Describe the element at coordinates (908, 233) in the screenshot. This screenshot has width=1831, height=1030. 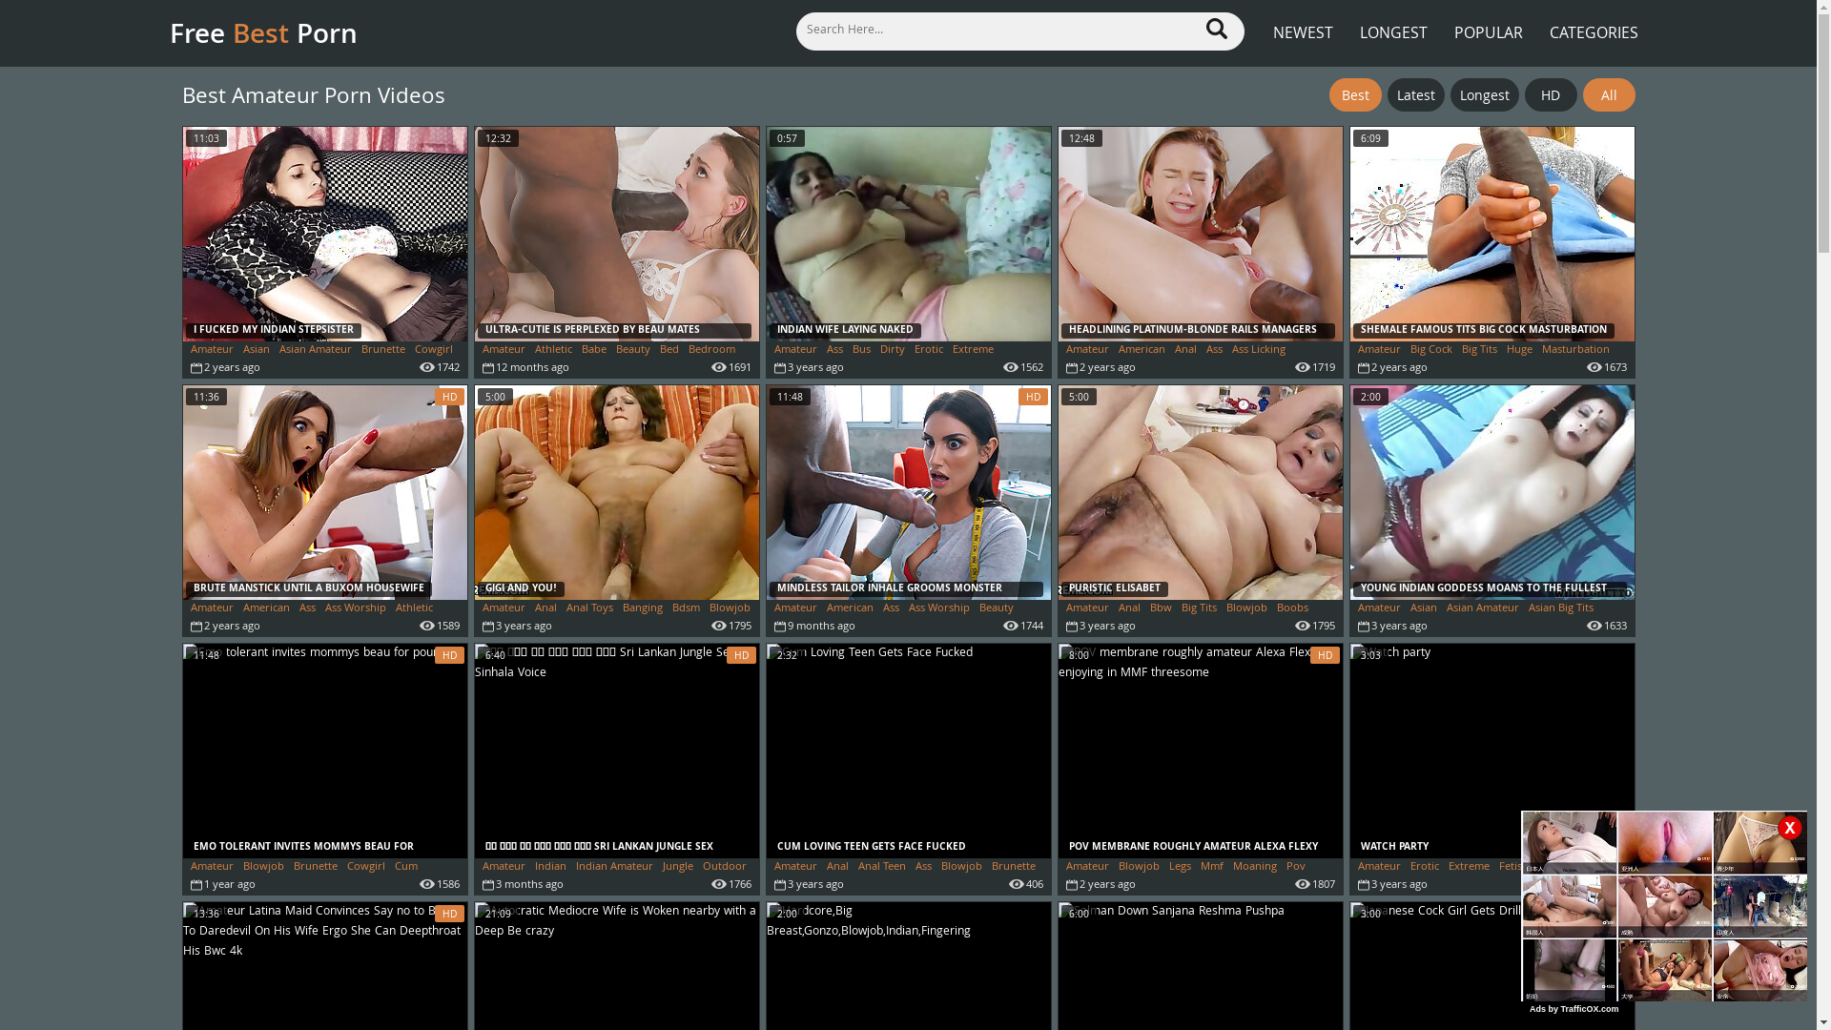
I see `'INDIAN WIFE LAYING NAKED'` at that location.